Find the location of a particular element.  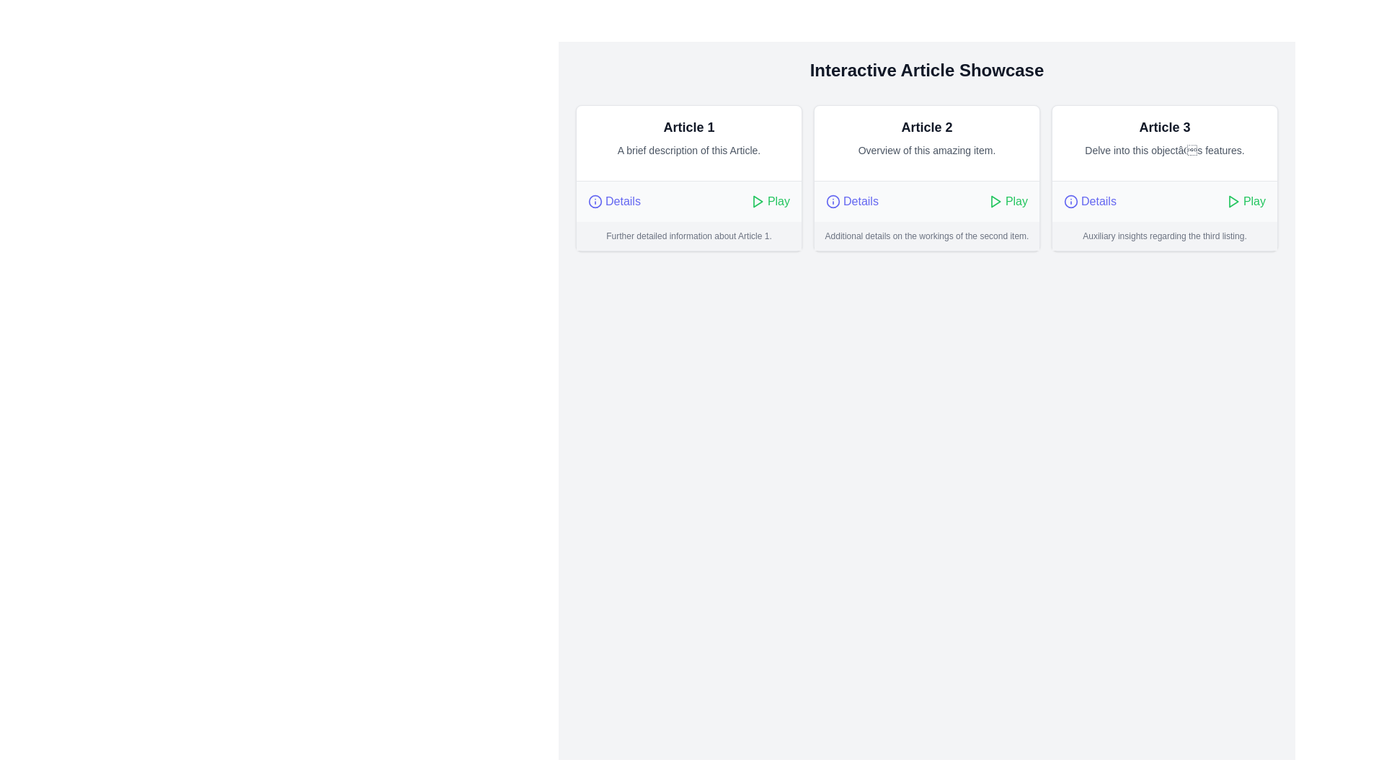

the static text reading 'Delve into this object’s features.' which is positioned below the heading 'Article 3' in the third card from the left is located at coordinates (1165, 150).